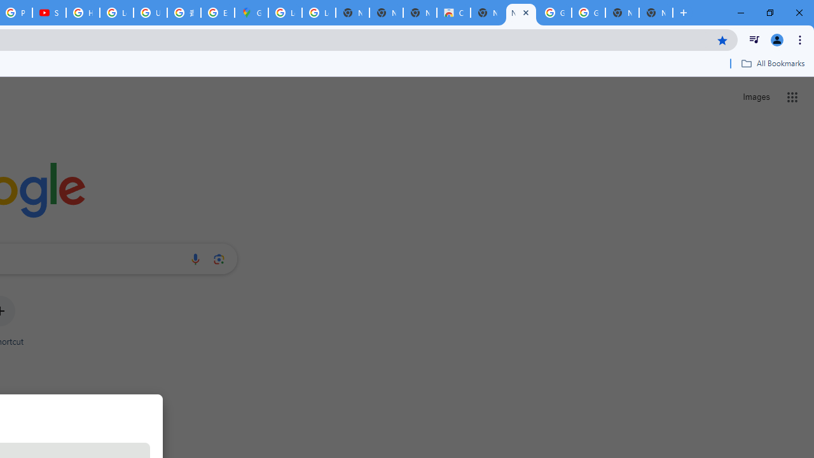 The width and height of the screenshot is (814, 458). I want to click on 'Subscriptions - YouTube', so click(49, 13).